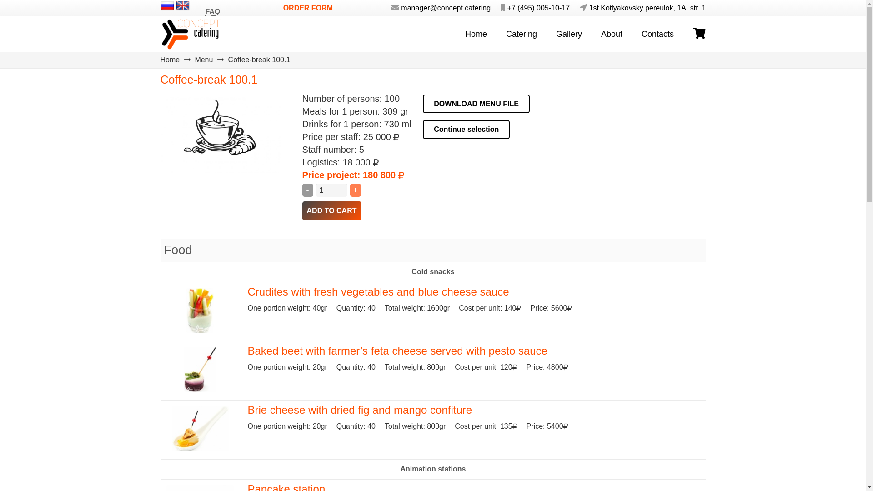 Image resolution: width=873 pixels, height=491 pixels. I want to click on 'About', so click(612, 33).